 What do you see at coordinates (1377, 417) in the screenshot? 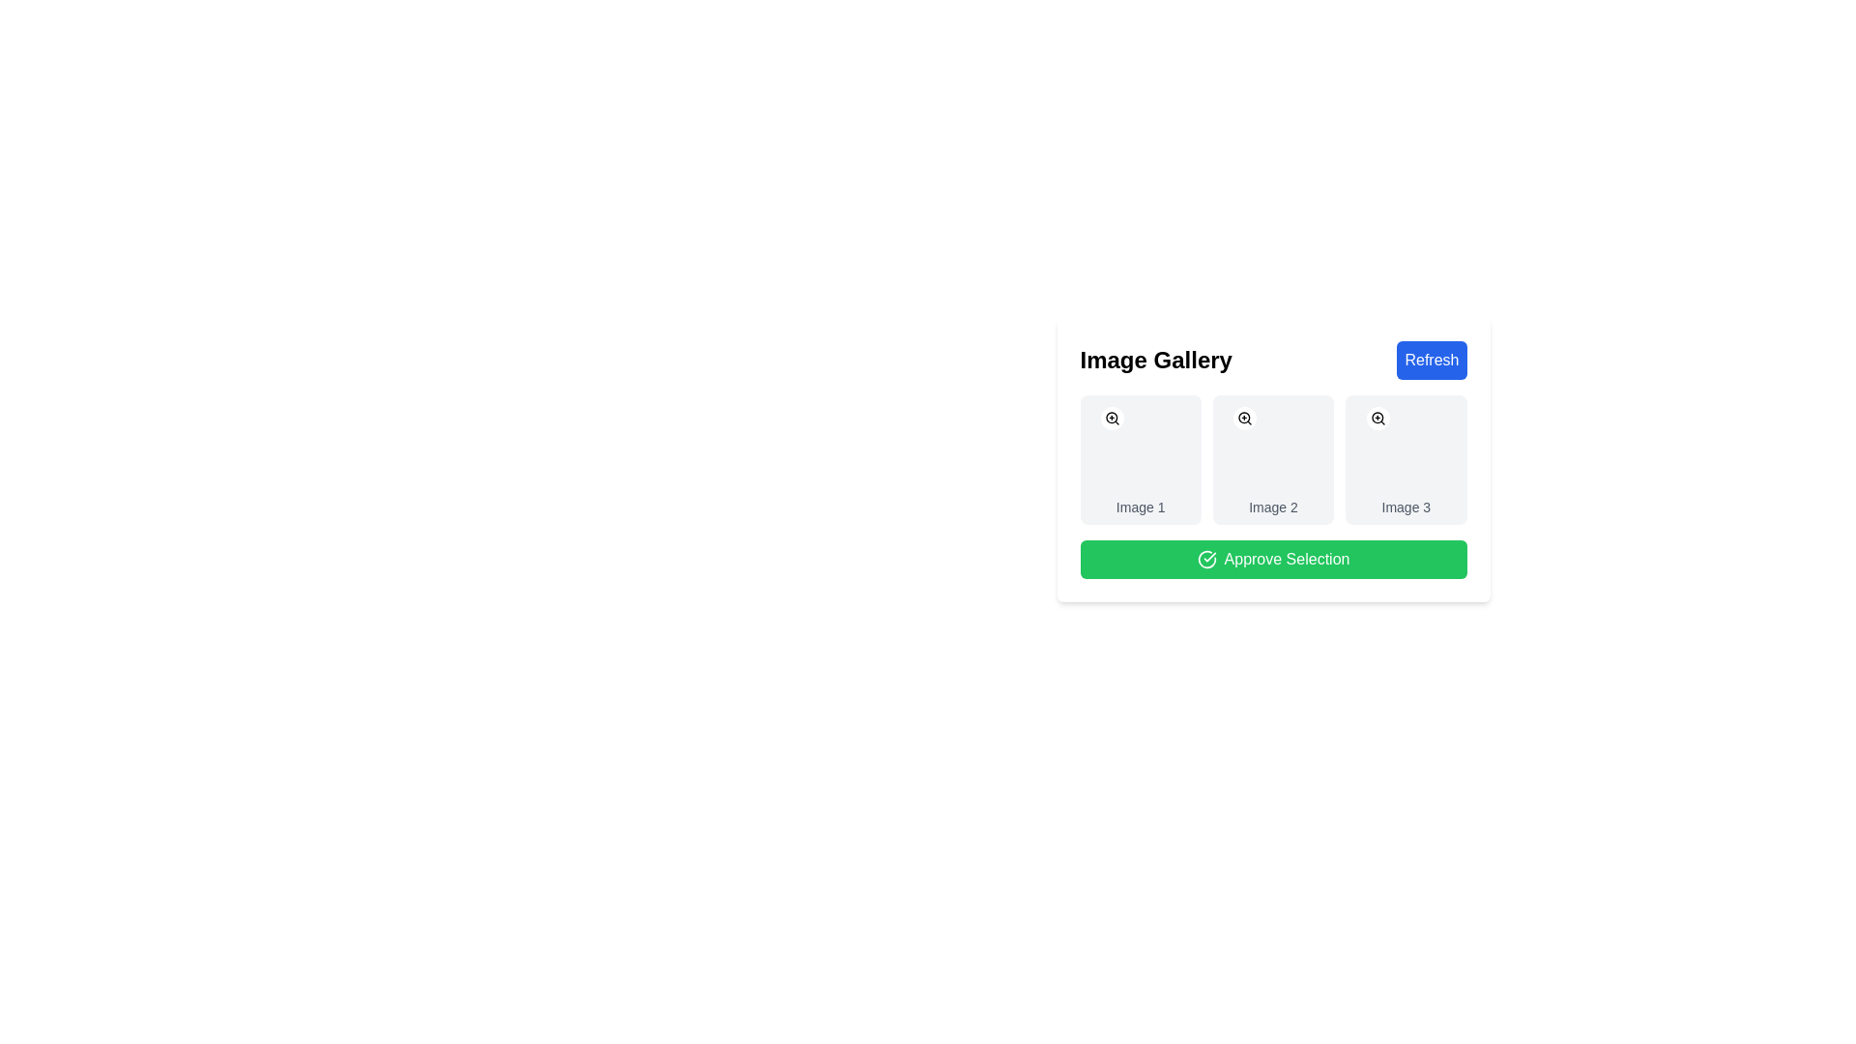
I see `the zoom-in icon button, which has a circular outline with a plus sign in the center, located under the title 'Image Gallery' and to the right of the 'Refresh' button` at bounding box center [1377, 417].